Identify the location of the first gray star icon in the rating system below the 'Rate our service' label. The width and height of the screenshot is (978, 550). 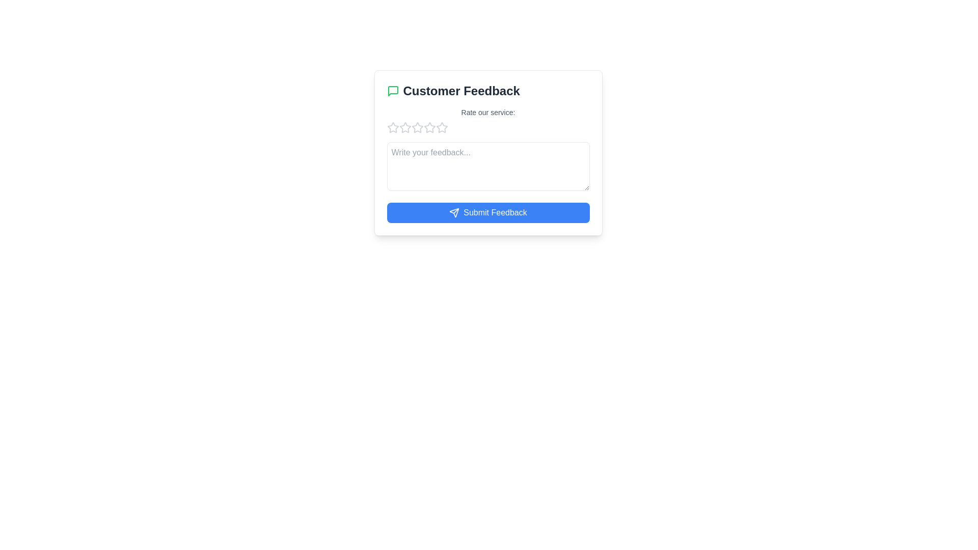
(404, 127).